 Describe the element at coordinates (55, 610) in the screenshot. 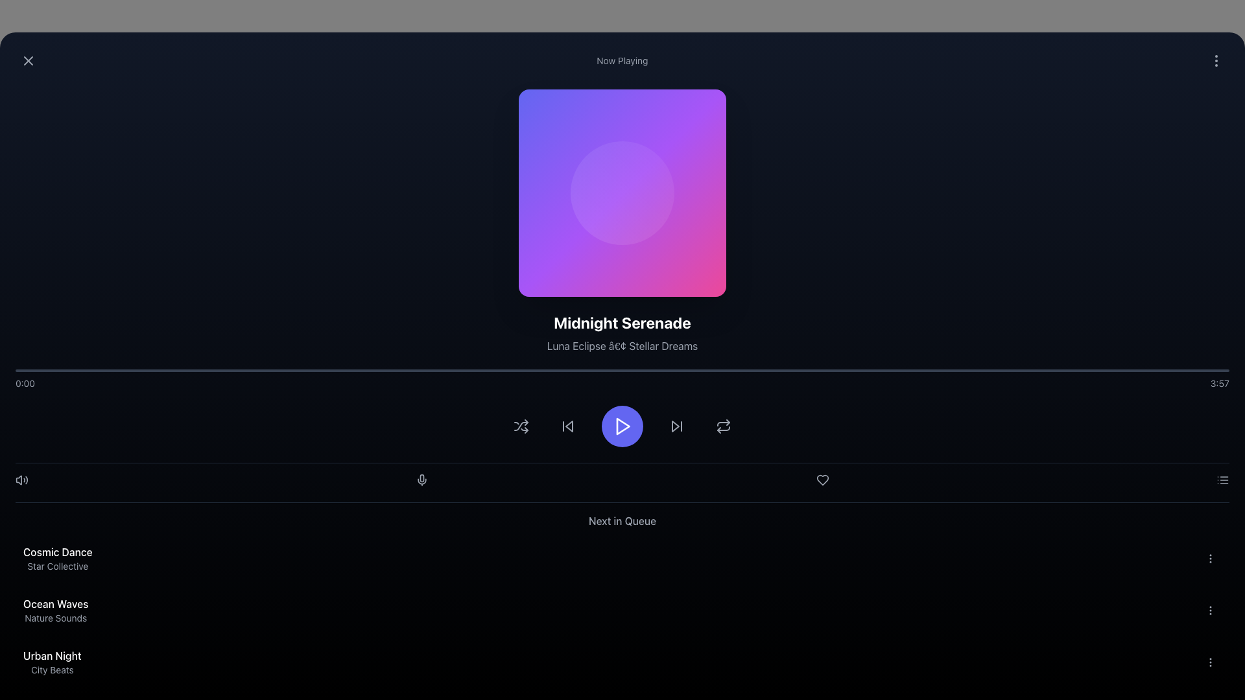

I see `the informative text display for the queued media item located in the 'Next in Queue' list, which is the second item between 'Cosmic Dance' and 'Urban Night'` at that location.